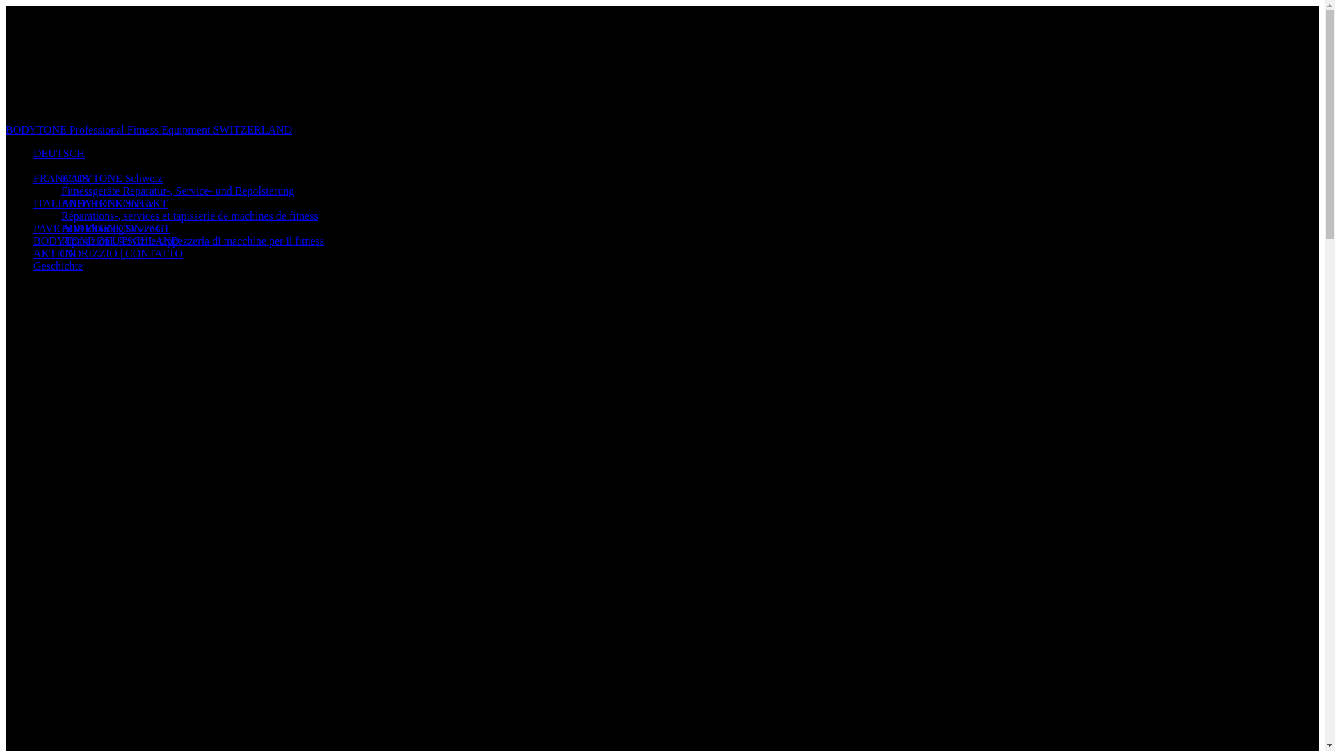 The height and width of the screenshot is (751, 1335). What do you see at coordinates (115, 227) in the screenshot?
I see `'ADRESSE | CONTACT'` at bounding box center [115, 227].